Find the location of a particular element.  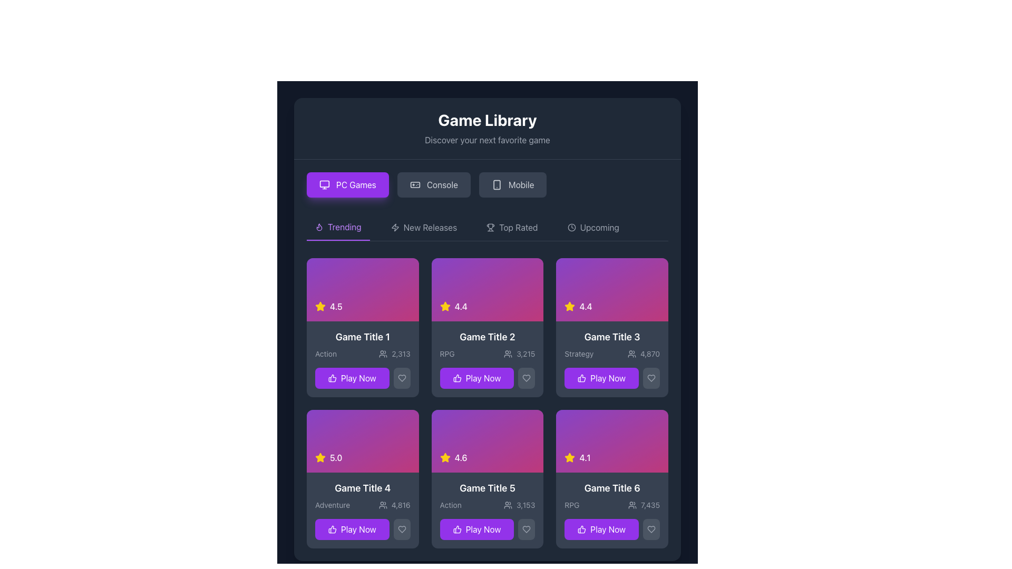

the text label that indicates the genre 'Adventure' located in the lower section of the card for 'Game Title 4', specifically below the title line and above the player count is located at coordinates (332, 505).